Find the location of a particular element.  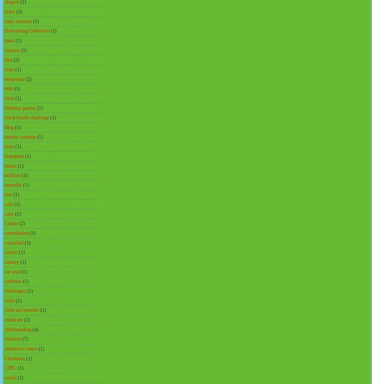

'bank' is located at coordinates (9, 40).